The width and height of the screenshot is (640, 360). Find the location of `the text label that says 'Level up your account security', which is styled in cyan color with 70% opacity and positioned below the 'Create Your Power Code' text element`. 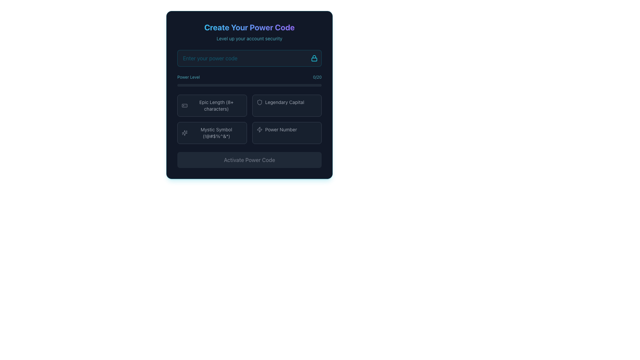

the text label that says 'Level up your account security', which is styled in cyan color with 70% opacity and positioned below the 'Create Your Power Code' text element is located at coordinates (249, 38).